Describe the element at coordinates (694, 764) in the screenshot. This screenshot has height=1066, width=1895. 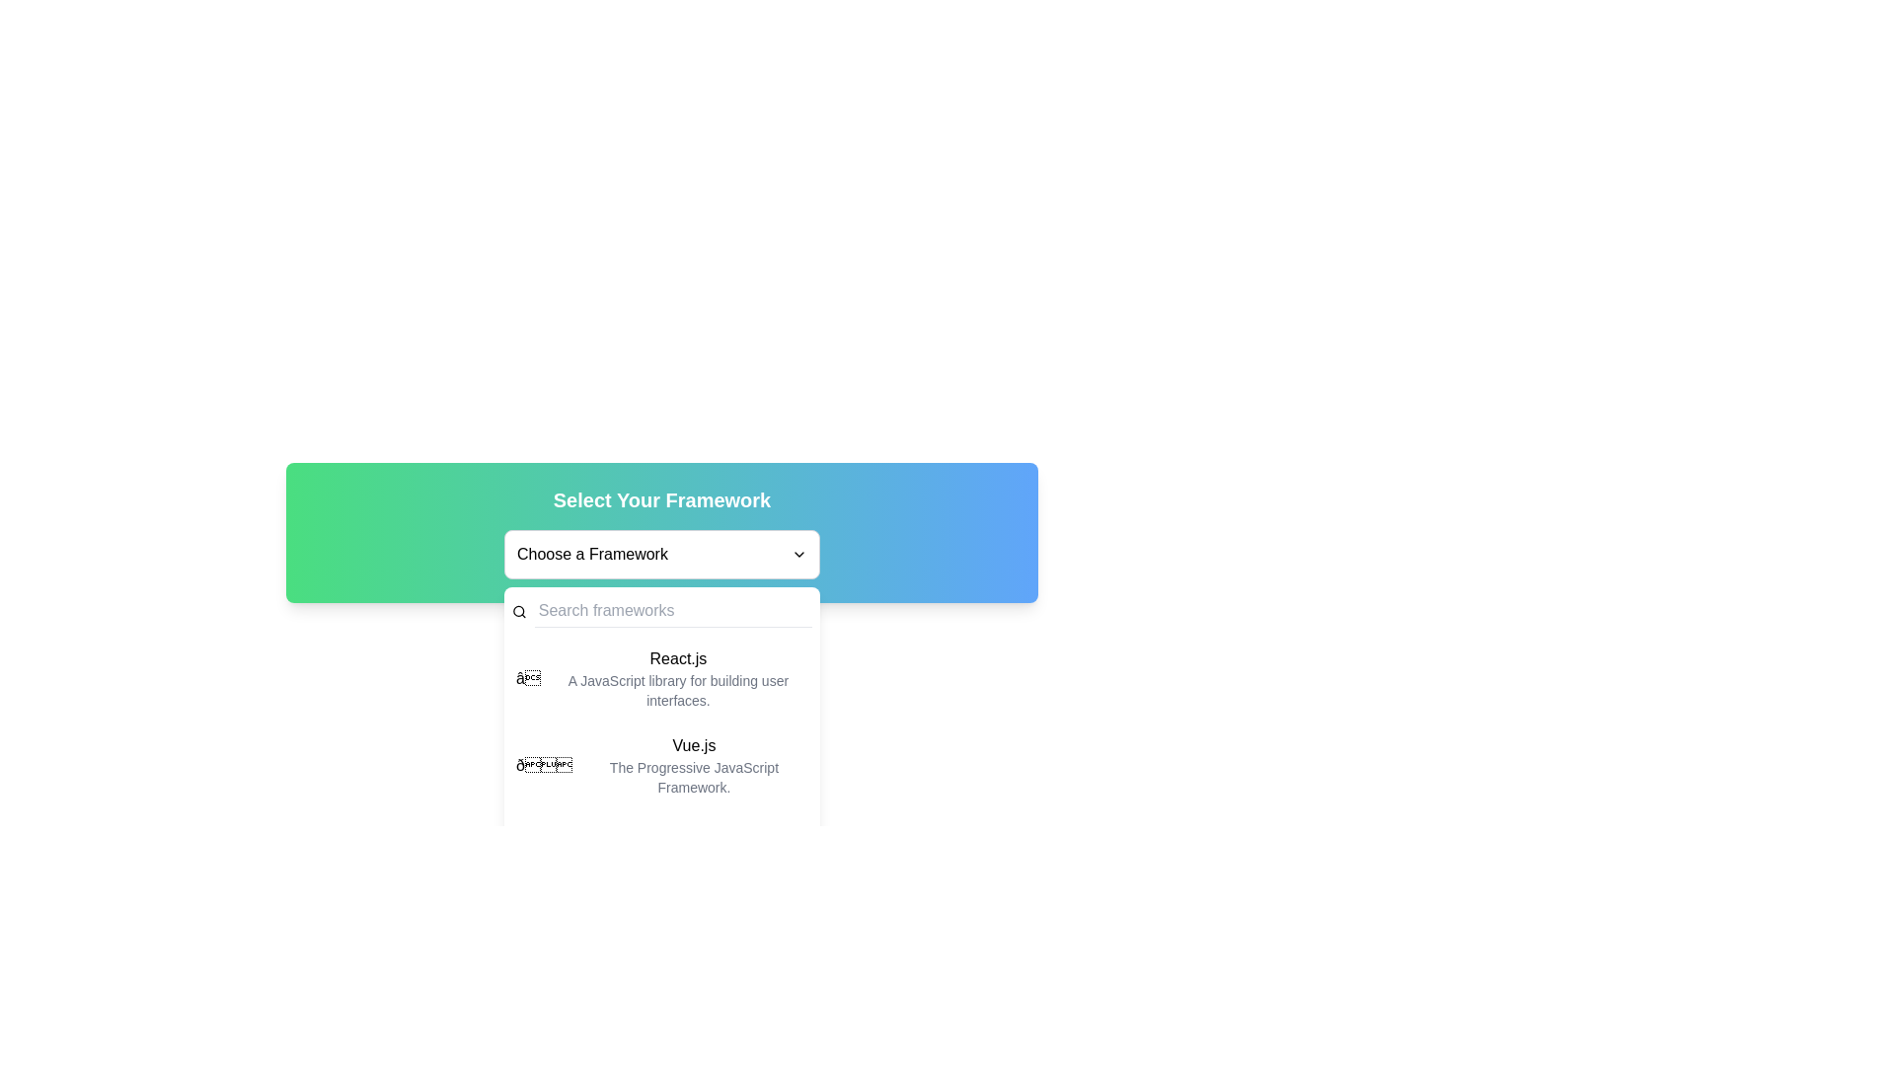
I see `the second entry in the 'Select Your Framework' dropdown menu, which represents the 'Vue.js' framework` at that location.